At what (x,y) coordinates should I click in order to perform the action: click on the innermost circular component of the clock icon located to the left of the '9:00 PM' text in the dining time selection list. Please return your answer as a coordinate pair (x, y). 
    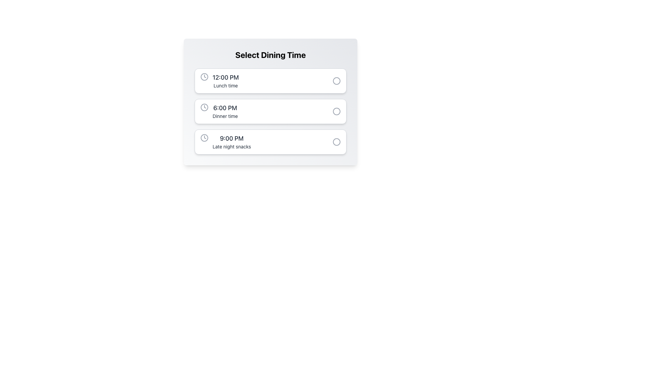
    Looking at the image, I should click on (204, 138).